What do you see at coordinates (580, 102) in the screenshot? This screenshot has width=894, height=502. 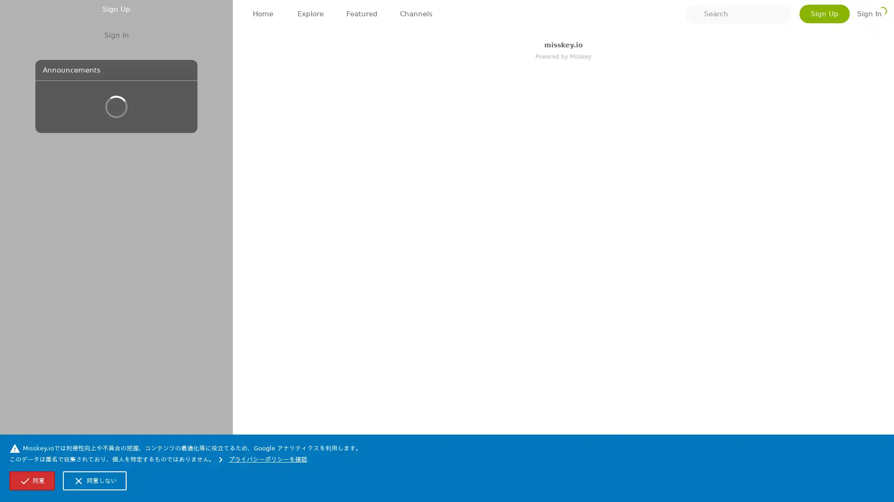 I see `Show more` at bounding box center [580, 102].